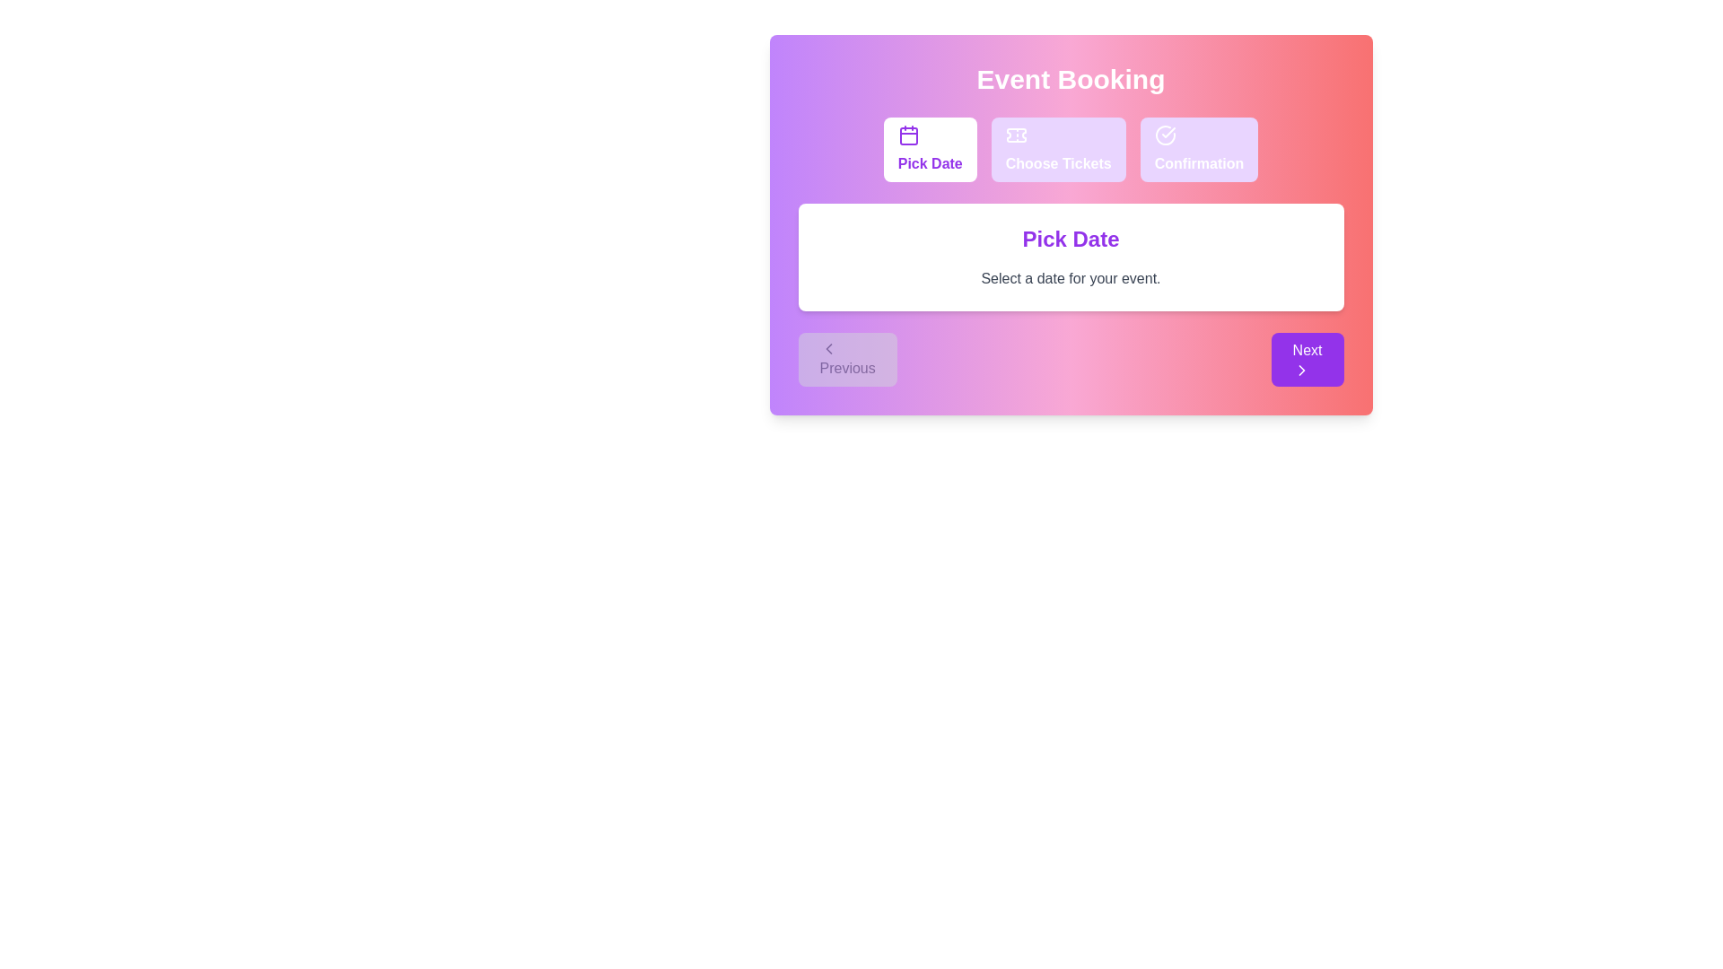 The height and width of the screenshot is (969, 1723). What do you see at coordinates (908, 134) in the screenshot?
I see `the calendar icon with a purple outline located in the 'Pick Date' button, positioned as the leftmost option in the upper row of options` at bounding box center [908, 134].